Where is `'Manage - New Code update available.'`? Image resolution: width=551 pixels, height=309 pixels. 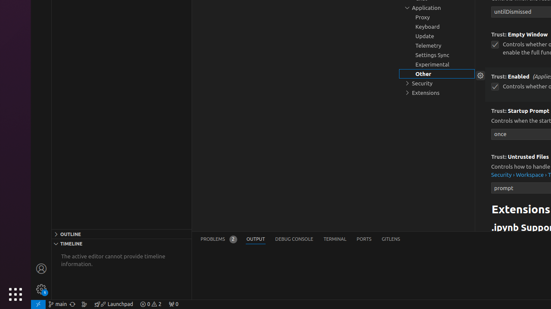
'Manage - New Code update available.' is located at coordinates (41, 289).